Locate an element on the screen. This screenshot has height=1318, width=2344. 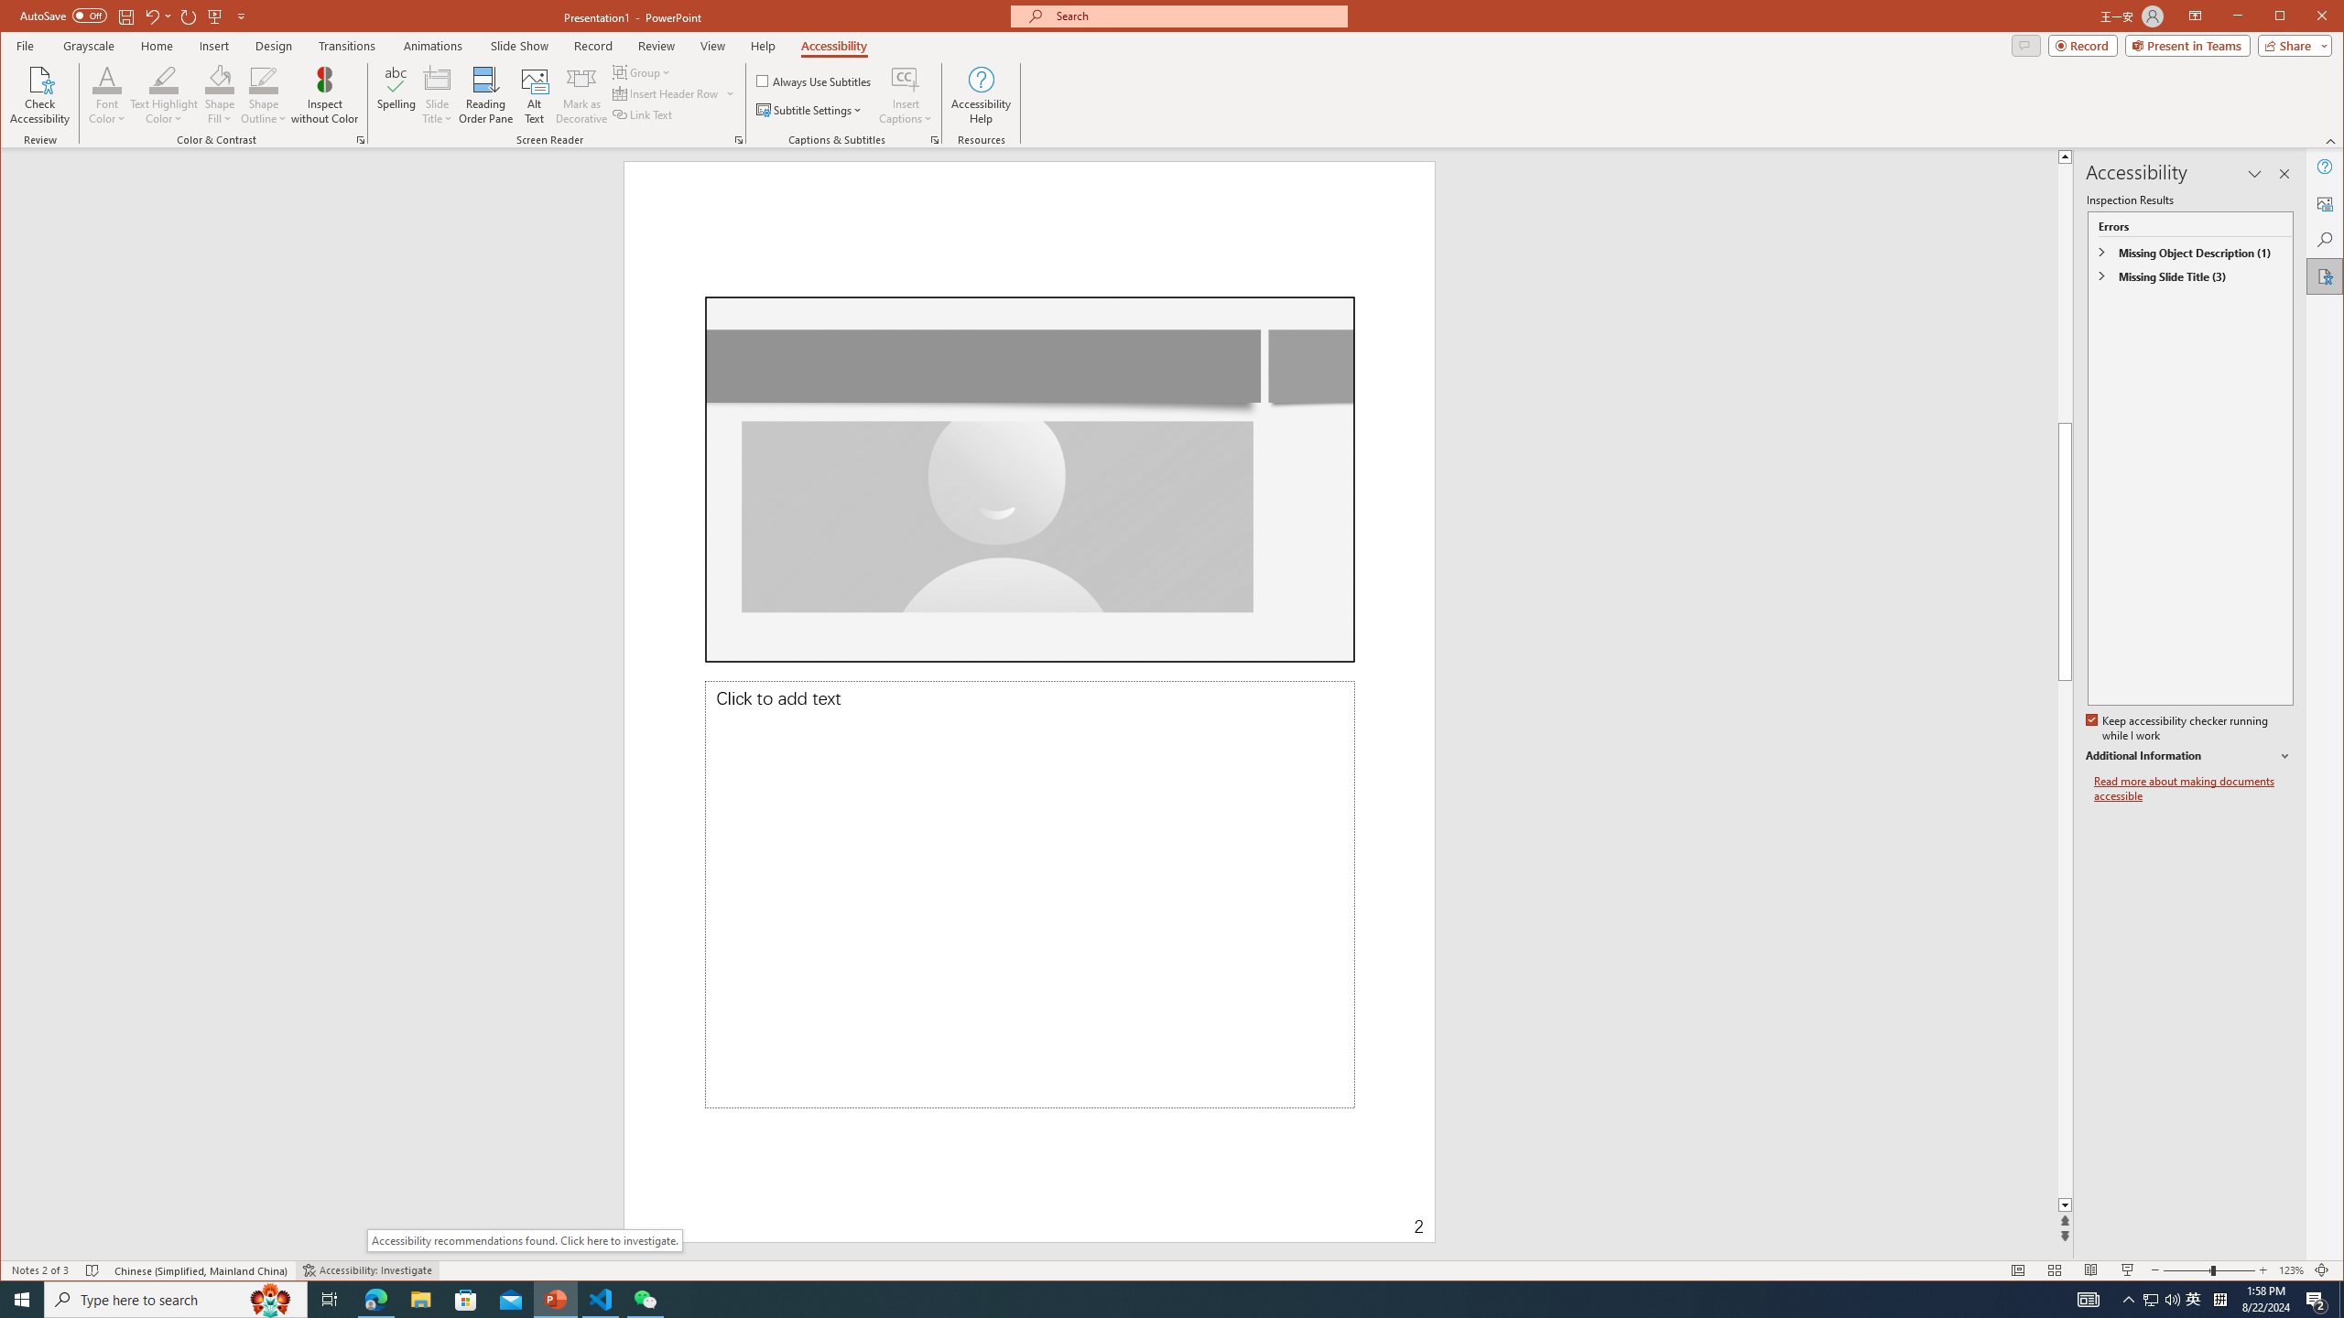
'Always Use Subtitles' is located at coordinates (813, 80).